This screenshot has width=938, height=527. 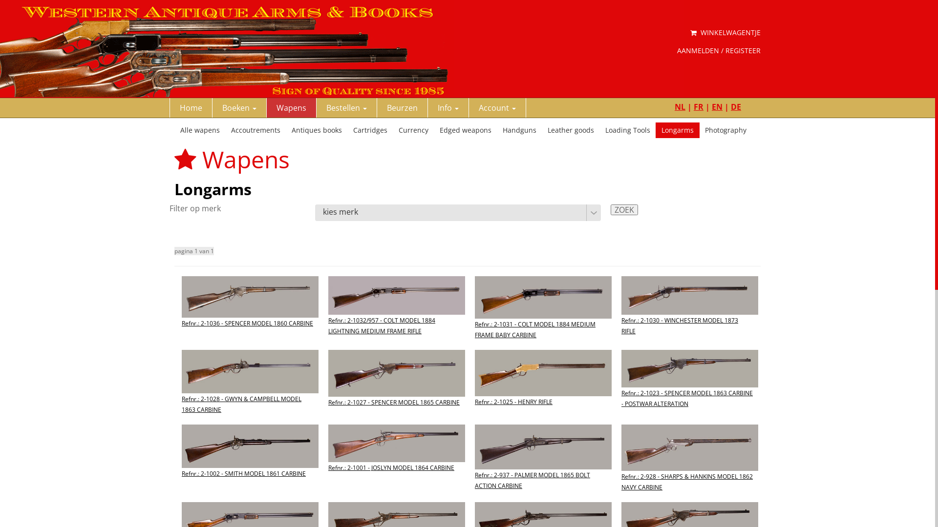 What do you see at coordinates (250, 389) in the screenshot?
I see `'Refnr.: 2-1028 - GWYN & CAMPBELL MODEL 1863 CARBINE'` at bounding box center [250, 389].